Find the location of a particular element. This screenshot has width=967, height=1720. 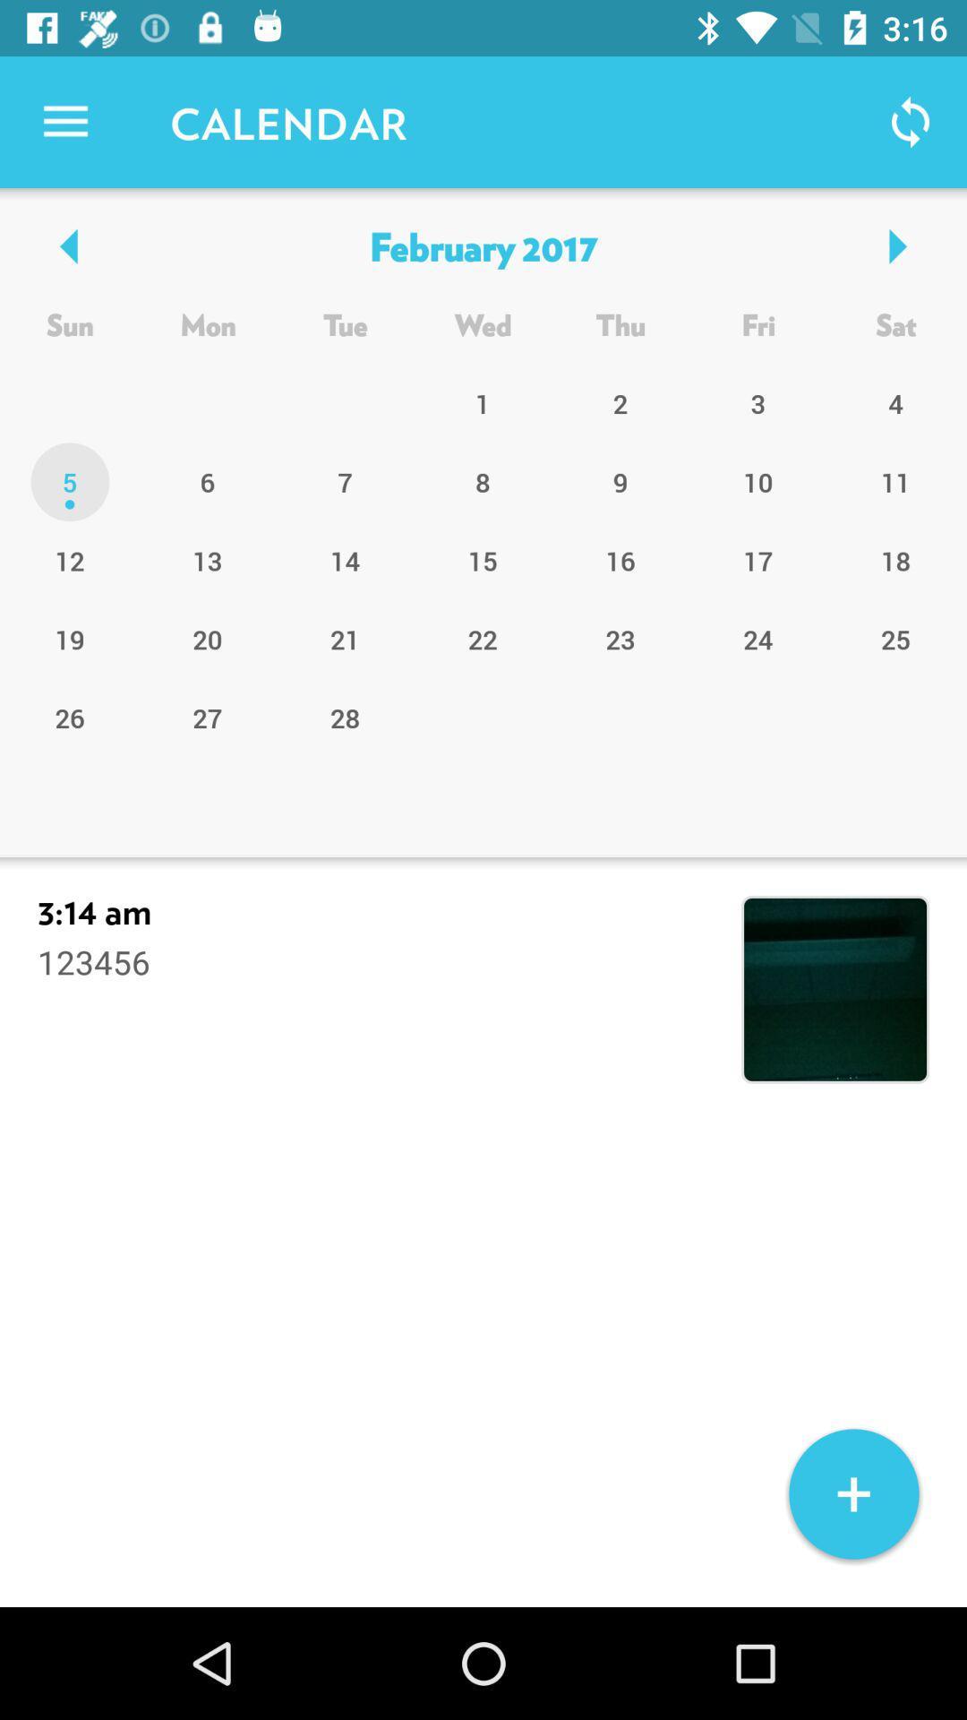

item above the 26 icon is located at coordinates (207, 639).